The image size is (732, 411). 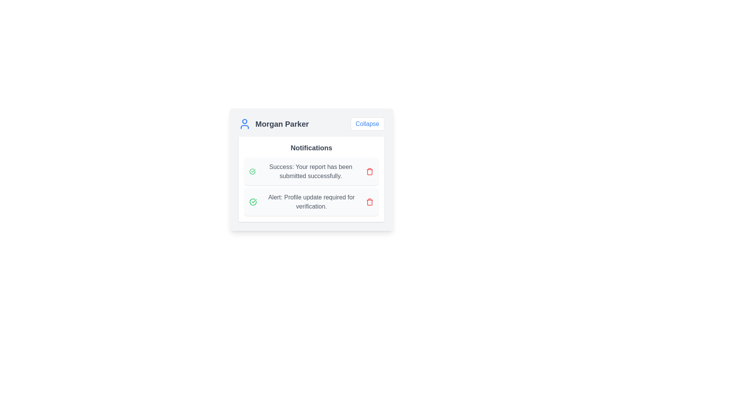 I want to click on the positive verification icon located to the left of the notification text 'Alert: Profile update required for verification.', so click(x=253, y=202).